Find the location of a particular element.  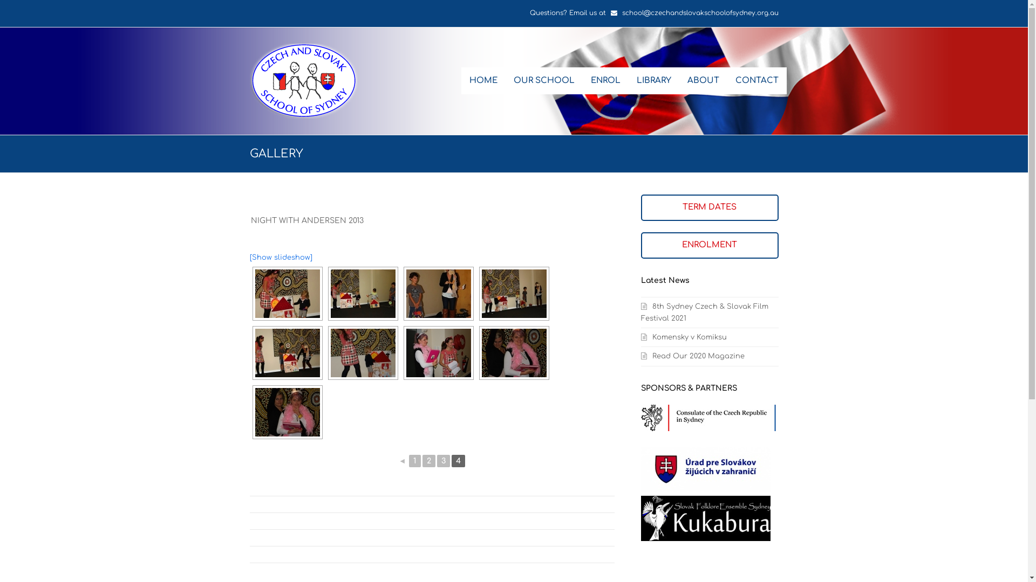

'ABOUT' is located at coordinates (703, 80).